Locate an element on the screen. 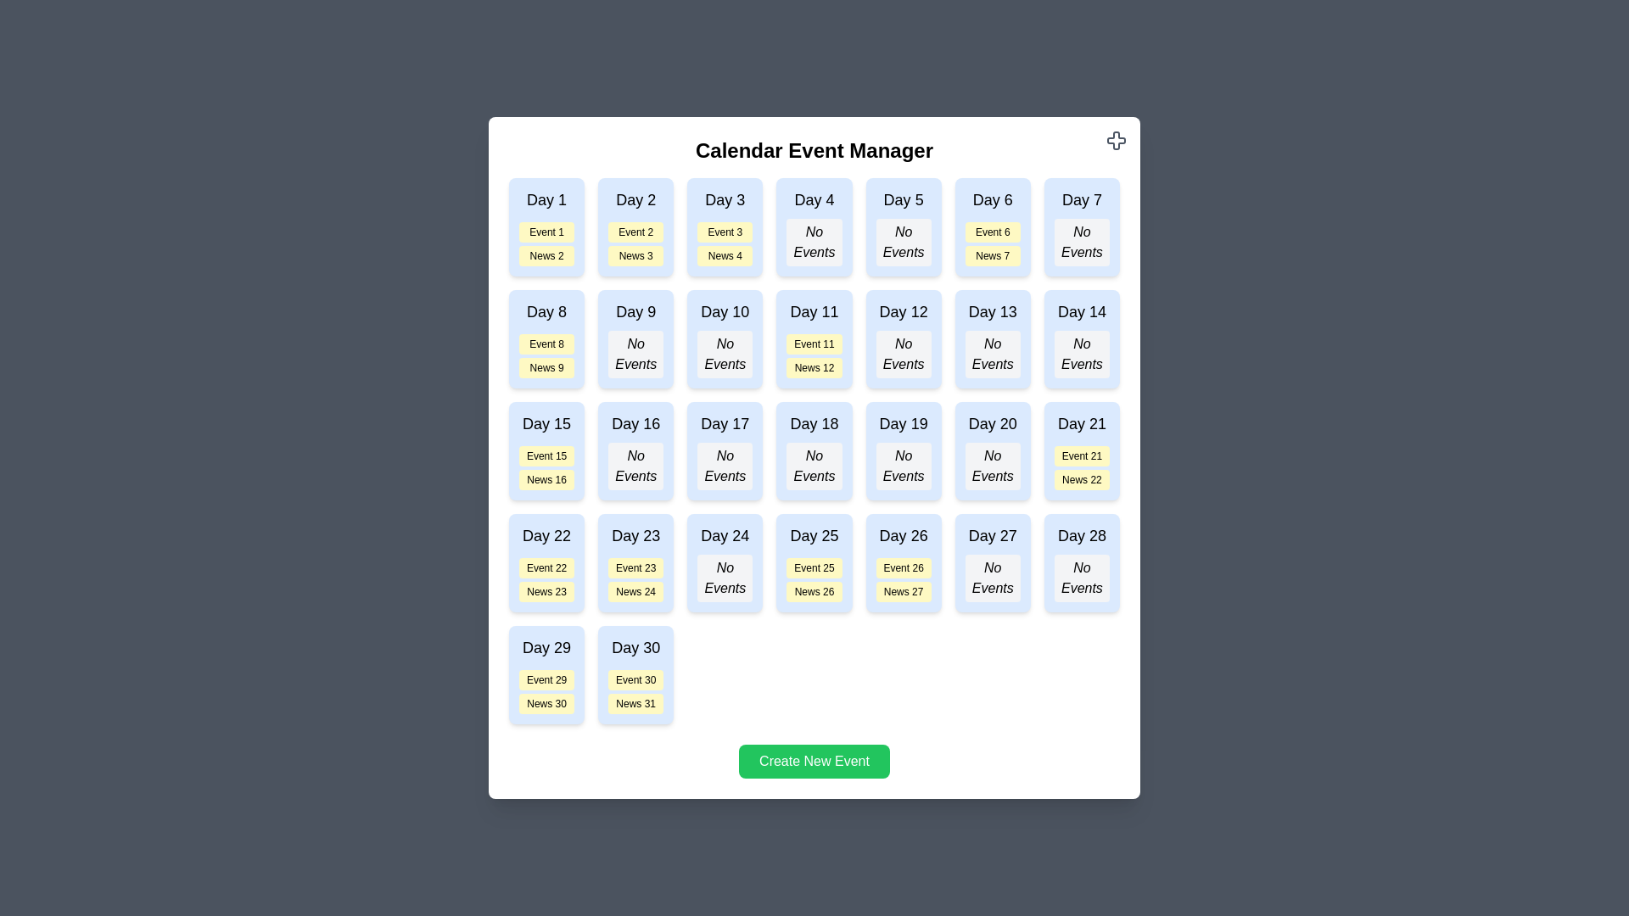 This screenshot has height=916, width=1629. the close button located at the top-right corner of the dialog is located at coordinates (1116, 139).